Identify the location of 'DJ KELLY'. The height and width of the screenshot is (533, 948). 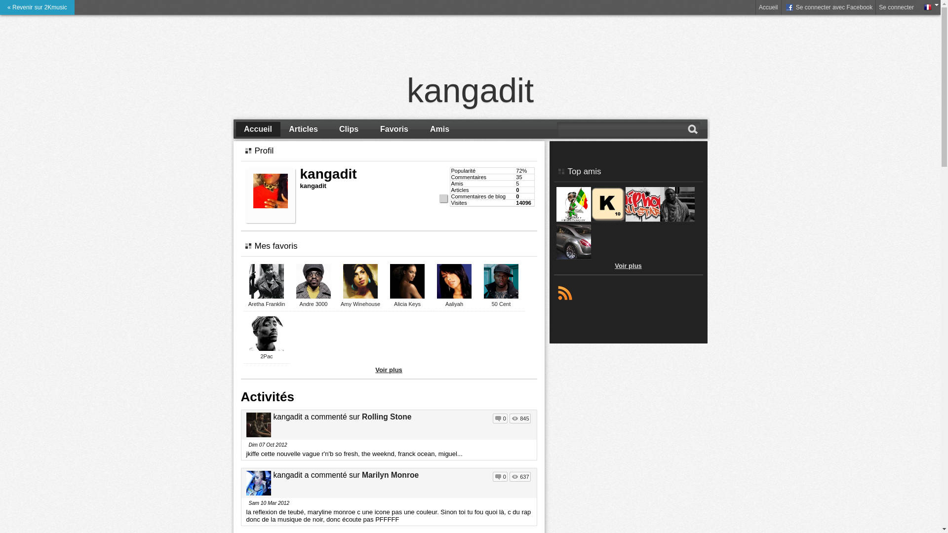
(573, 219).